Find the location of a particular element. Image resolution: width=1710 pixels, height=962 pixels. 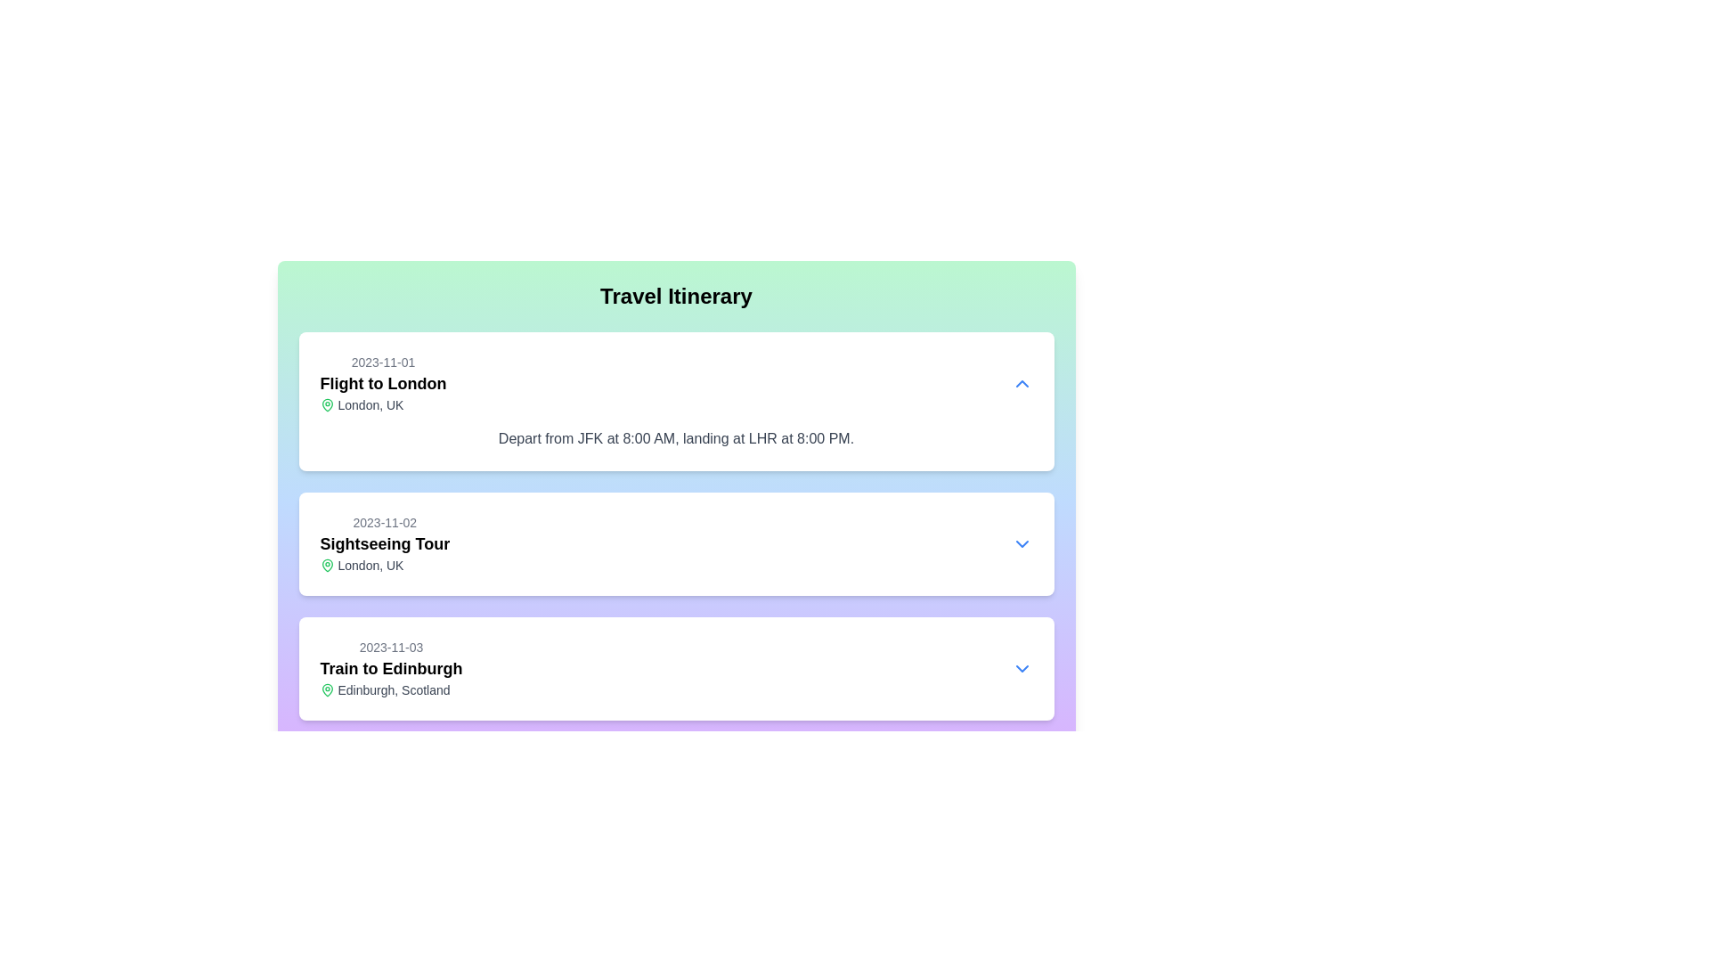

the text label displaying 'London, UK', which is part of the second itinerary item under the 'Sightseeing Tour' heading, aligned to the left with an icon to its left is located at coordinates (370, 566).